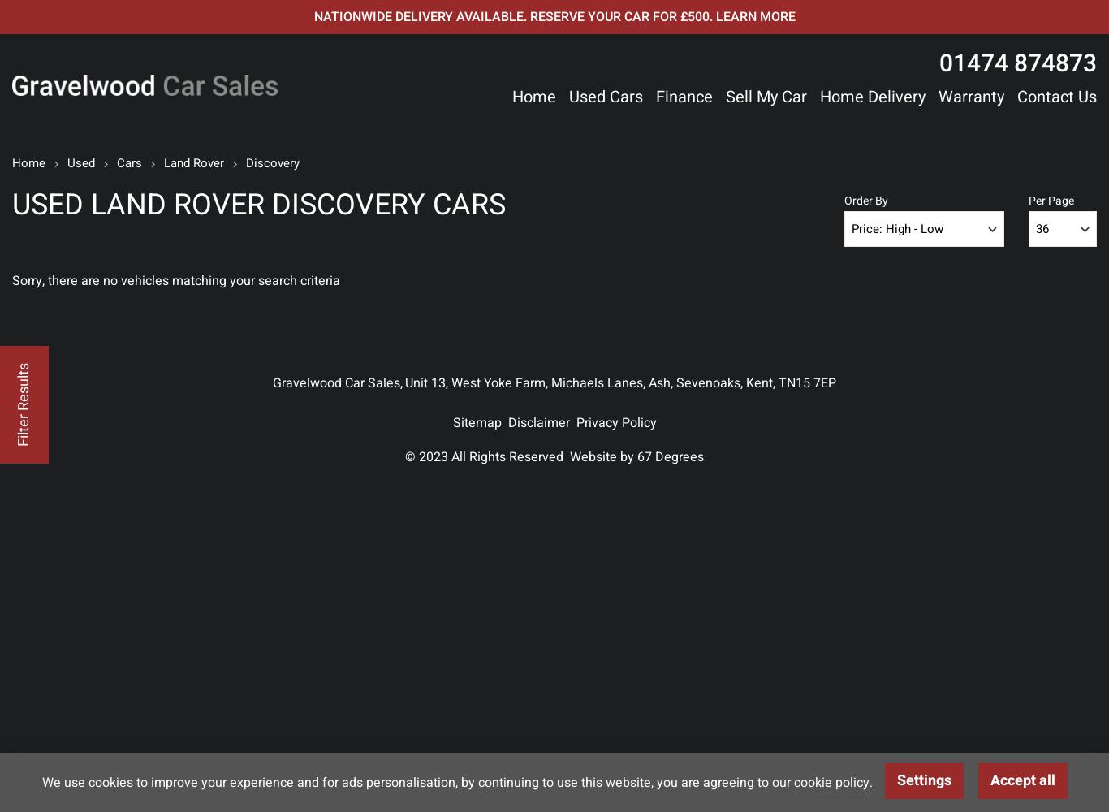  What do you see at coordinates (404, 456) in the screenshot?
I see `'© 2023 All Rights Reserved'` at bounding box center [404, 456].